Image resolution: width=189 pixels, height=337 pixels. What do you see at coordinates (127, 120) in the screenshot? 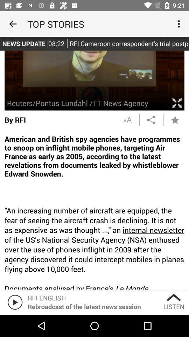
I see `the font icon` at bounding box center [127, 120].